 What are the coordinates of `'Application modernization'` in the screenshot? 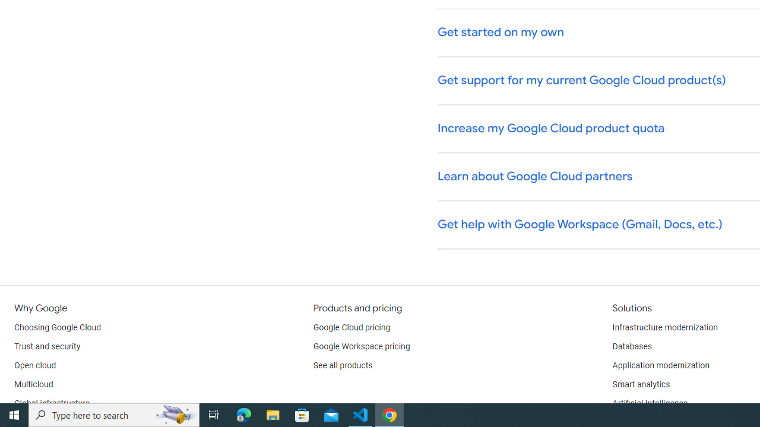 It's located at (660, 365).